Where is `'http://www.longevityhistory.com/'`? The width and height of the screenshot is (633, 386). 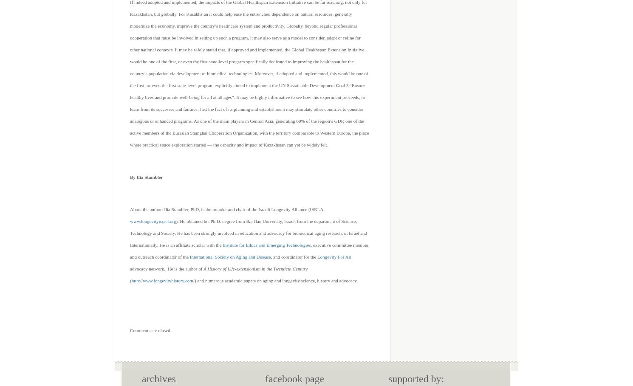
'http://www.longevityhistory.com/' is located at coordinates (162, 280).